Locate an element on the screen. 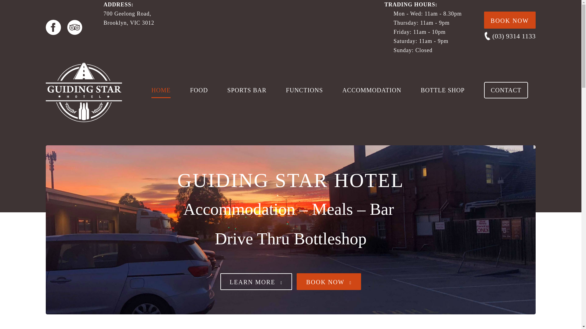 This screenshot has width=586, height=329. 'LEARN MORE' is located at coordinates (256, 281).